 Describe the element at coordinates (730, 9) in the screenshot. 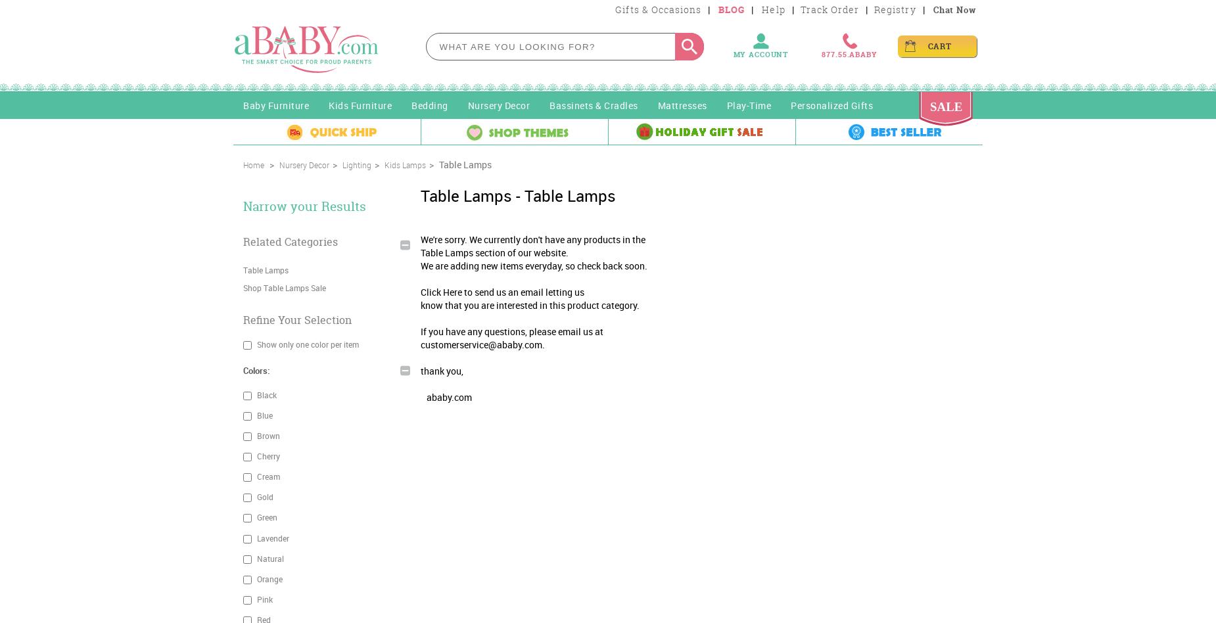

I see `'BLOG'` at that location.